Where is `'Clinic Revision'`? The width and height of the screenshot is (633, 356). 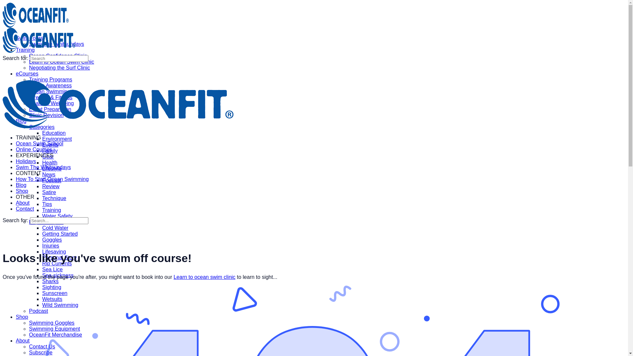
'Clinic Revision' is located at coordinates (46, 115).